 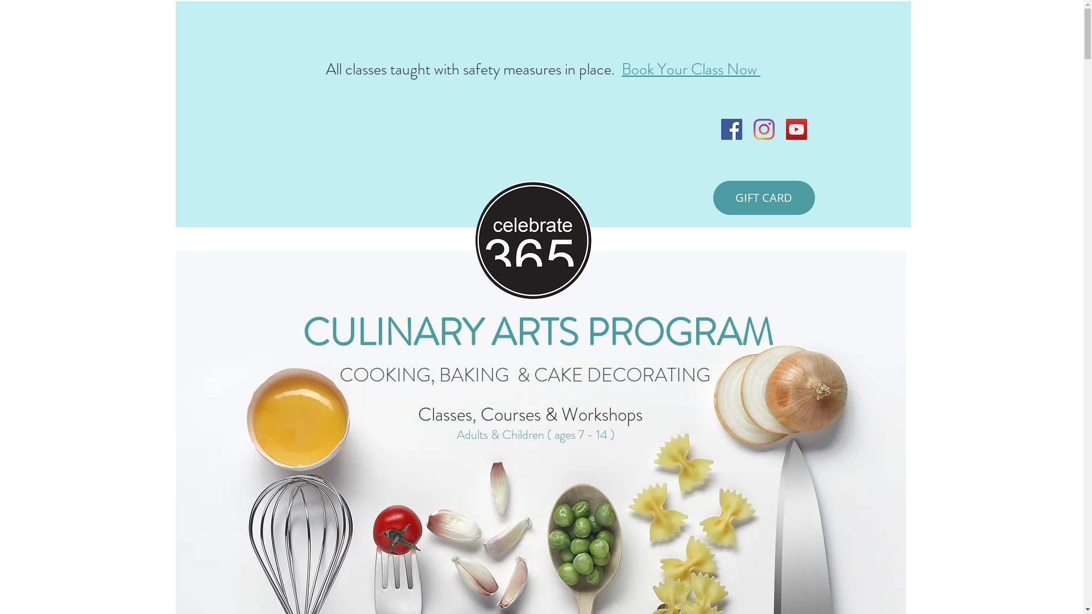 What do you see at coordinates (541, 11) in the screenshot?
I see `'Conversion Popup'` at bounding box center [541, 11].